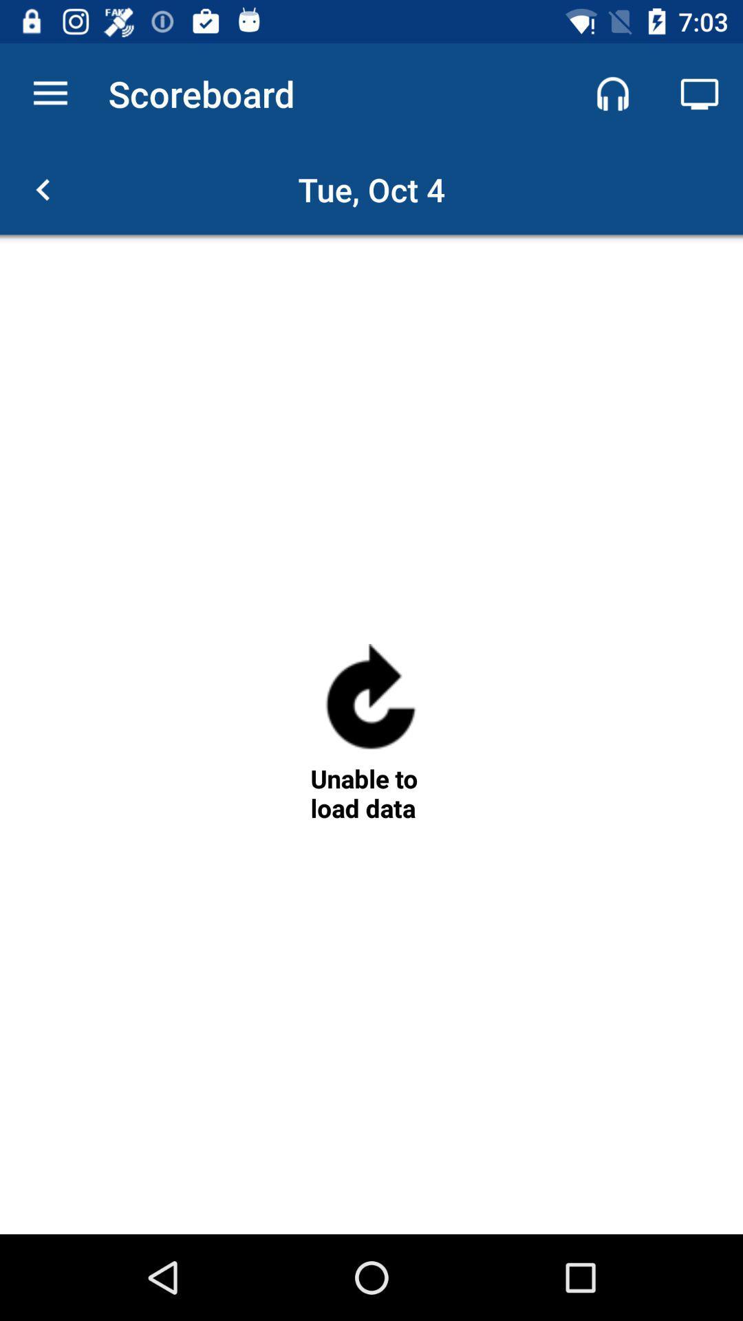 The image size is (743, 1321). What do you see at coordinates (370, 793) in the screenshot?
I see `unable to load item` at bounding box center [370, 793].